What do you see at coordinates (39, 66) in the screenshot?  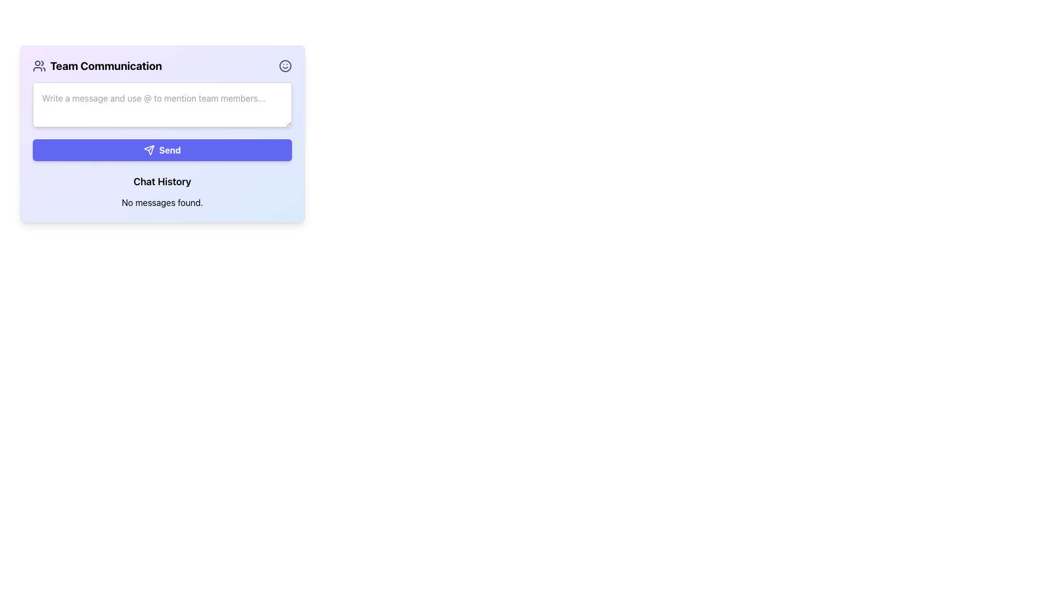 I see `the team communication icon located at the top-left corner of the 'Team Communication' panel` at bounding box center [39, 66].